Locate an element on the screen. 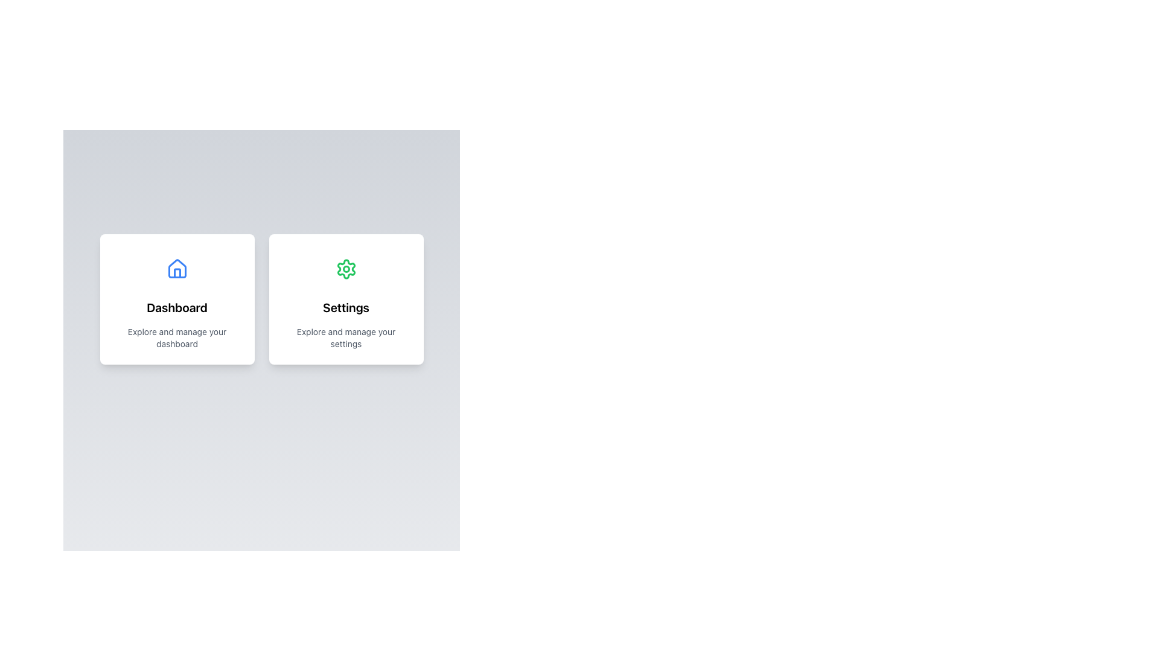 Image resolution: width=1159 pixels, height=652 pixels. the green gear-like graphical icon located in the 'Settings' card, positioned above the 'Settings' label and centered within the card is located at coordinates (345, 269).